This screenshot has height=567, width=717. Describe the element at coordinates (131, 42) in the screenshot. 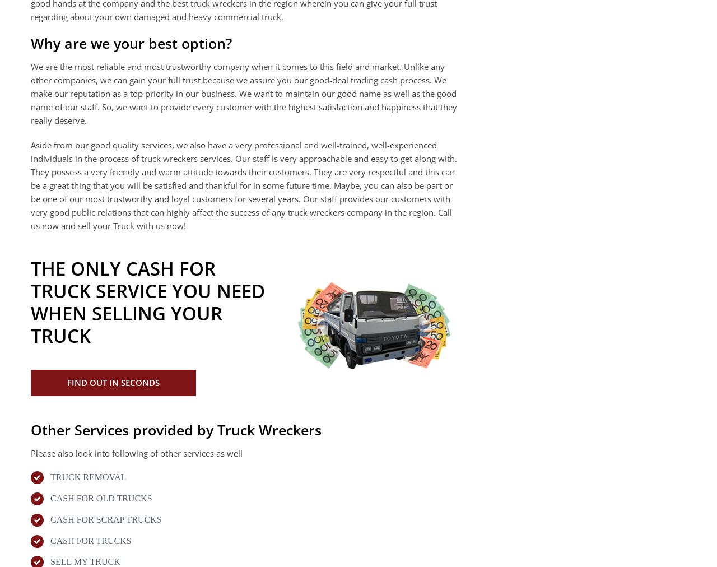

I see `'Why are we your best option?'` at that location.